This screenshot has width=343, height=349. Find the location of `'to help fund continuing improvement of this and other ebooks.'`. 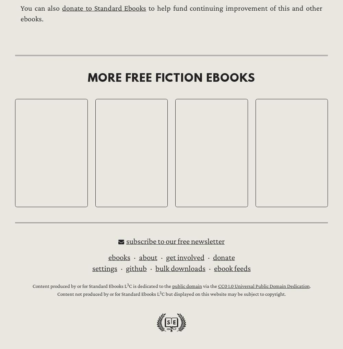

'to help fund continuing improvement of this and other ebooks.' is located at coordinates (171, 13).